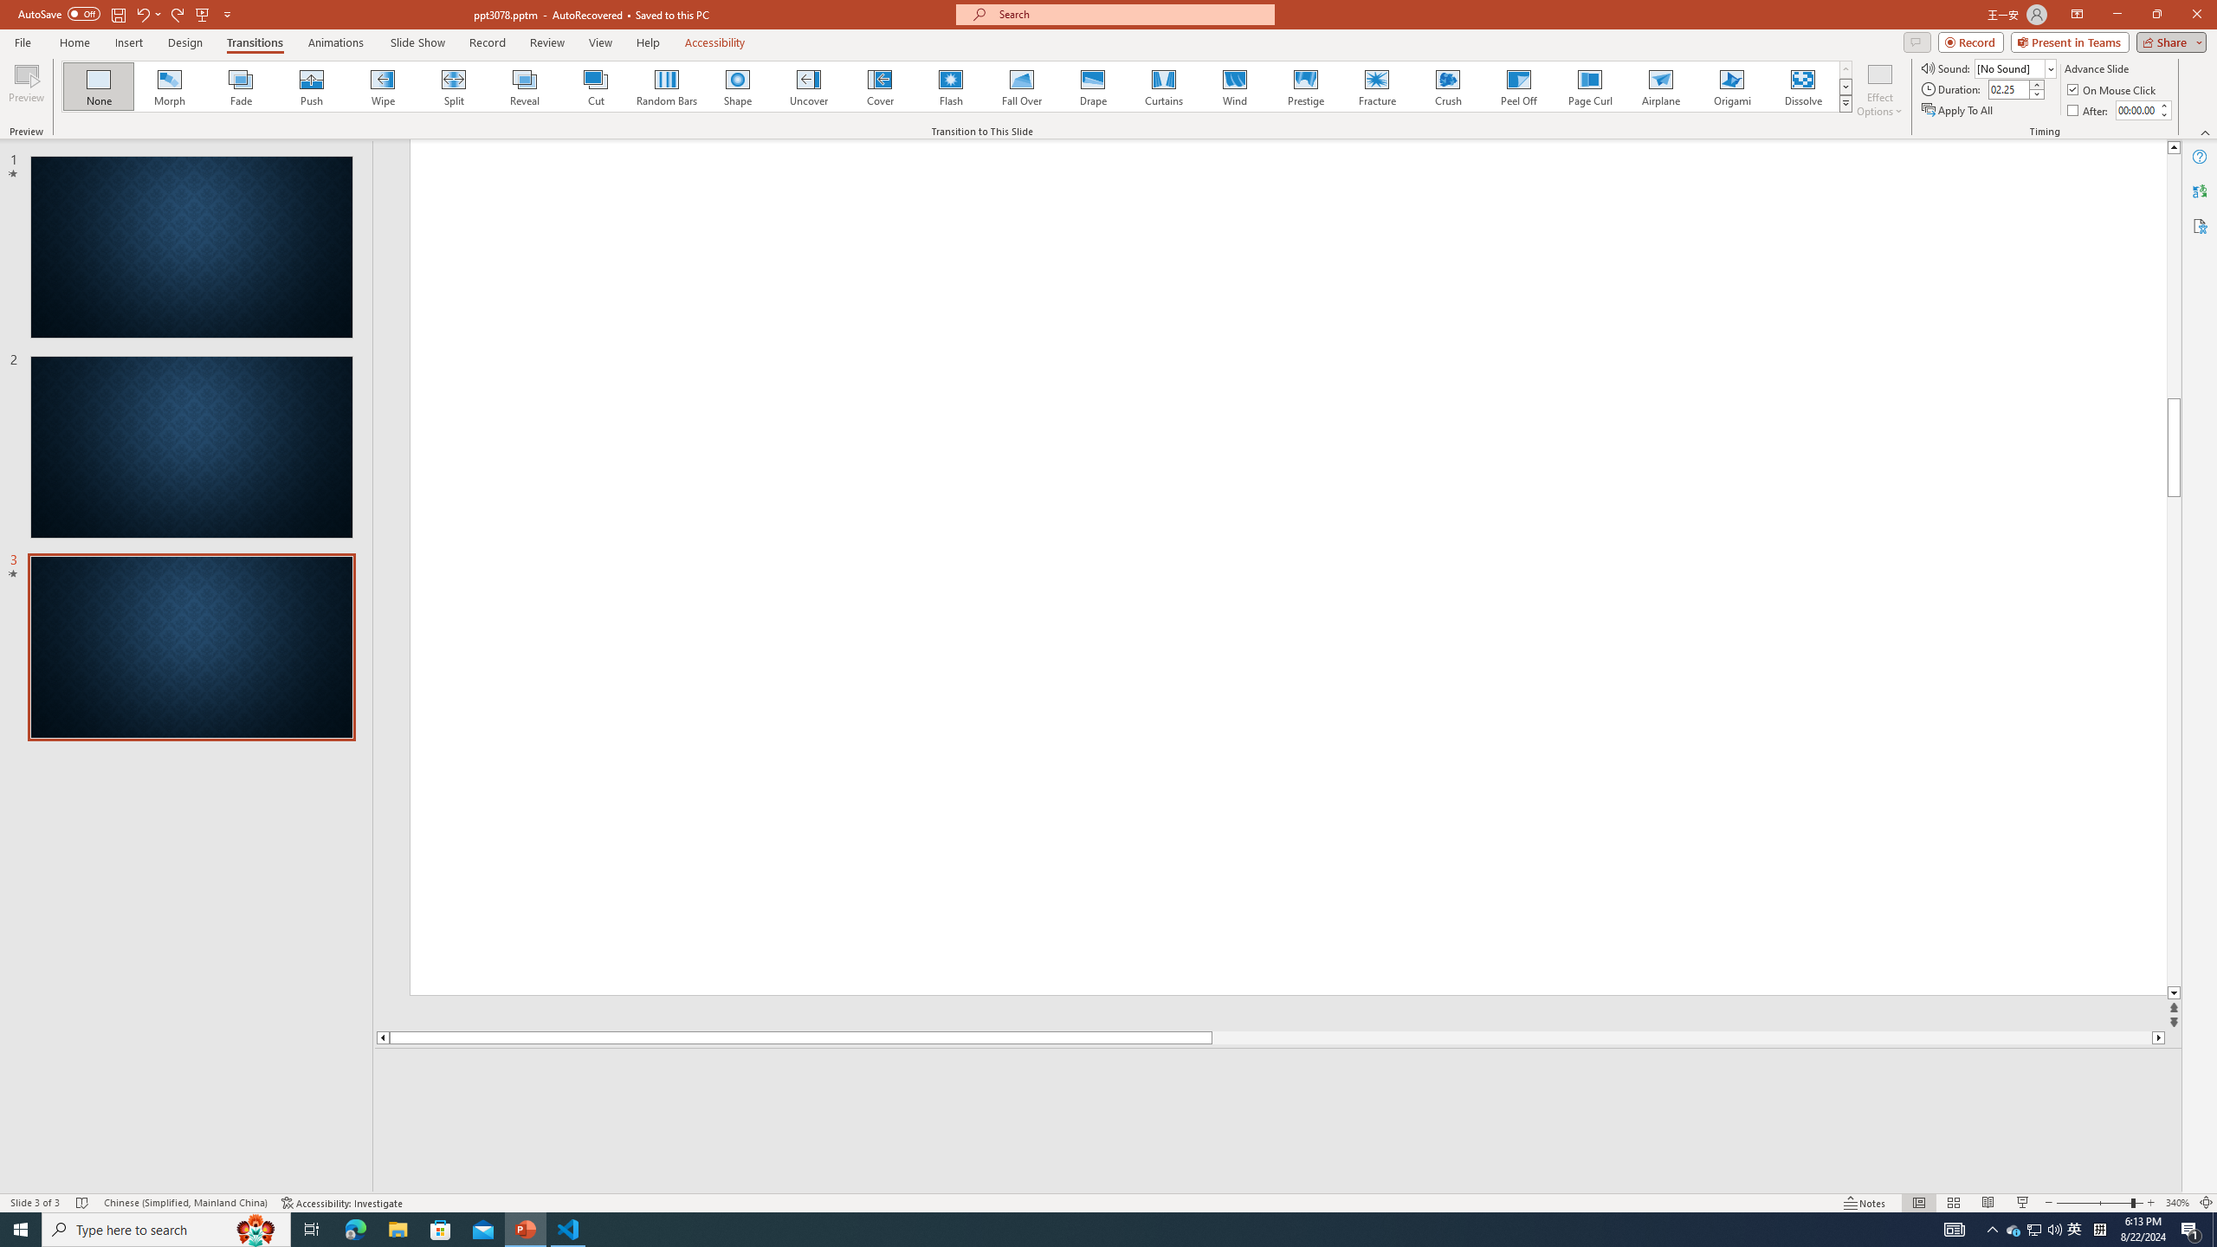 Image resolution: width=2217 pixels, height=1247 pixels. Describe the element at coordinates (1447, 86) in the screenshot. I see `'Crush'` at that location.